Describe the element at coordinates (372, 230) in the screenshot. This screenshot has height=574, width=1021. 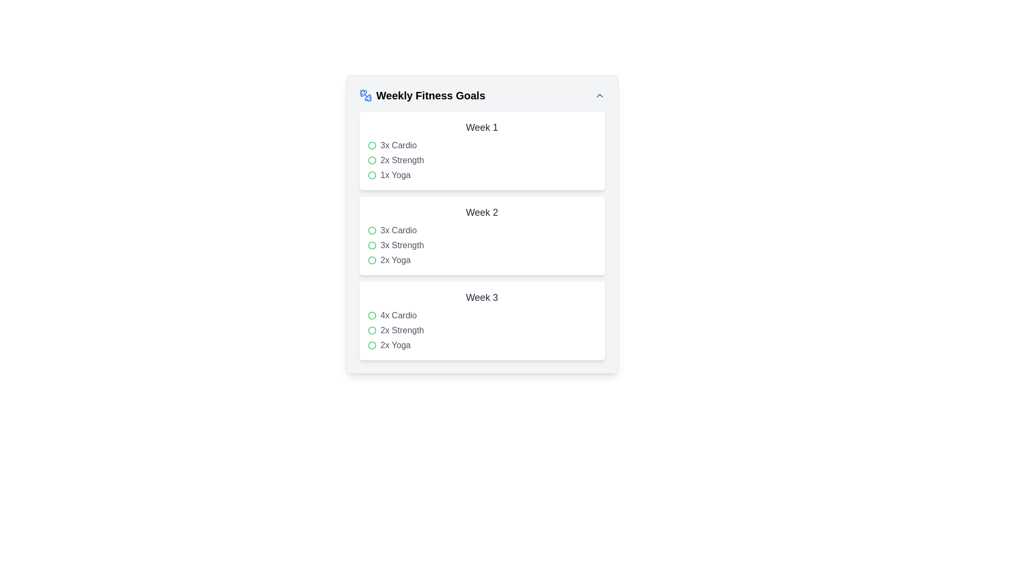
I see `the status of the Graphic/UI Icon located in the 'Week 2' section of the 'Weekly Fitness Goals' interface, which is the first item in the row to the left of the '3x Cardio' text` at that location.